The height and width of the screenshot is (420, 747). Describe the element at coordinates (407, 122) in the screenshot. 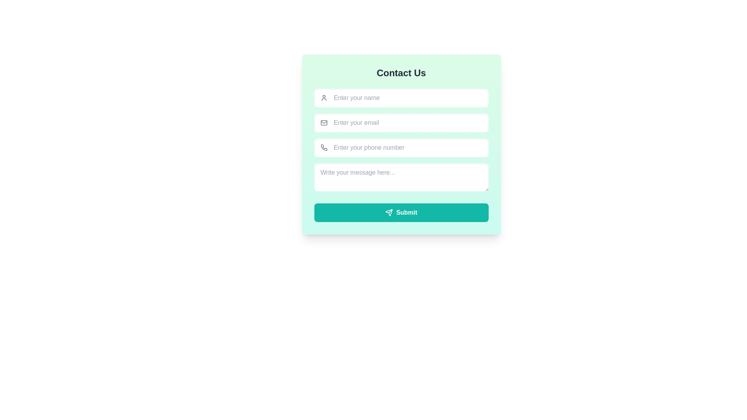

I see `the second input field labeled 'Enter your email' to place the cursor for email address entry` at that location.